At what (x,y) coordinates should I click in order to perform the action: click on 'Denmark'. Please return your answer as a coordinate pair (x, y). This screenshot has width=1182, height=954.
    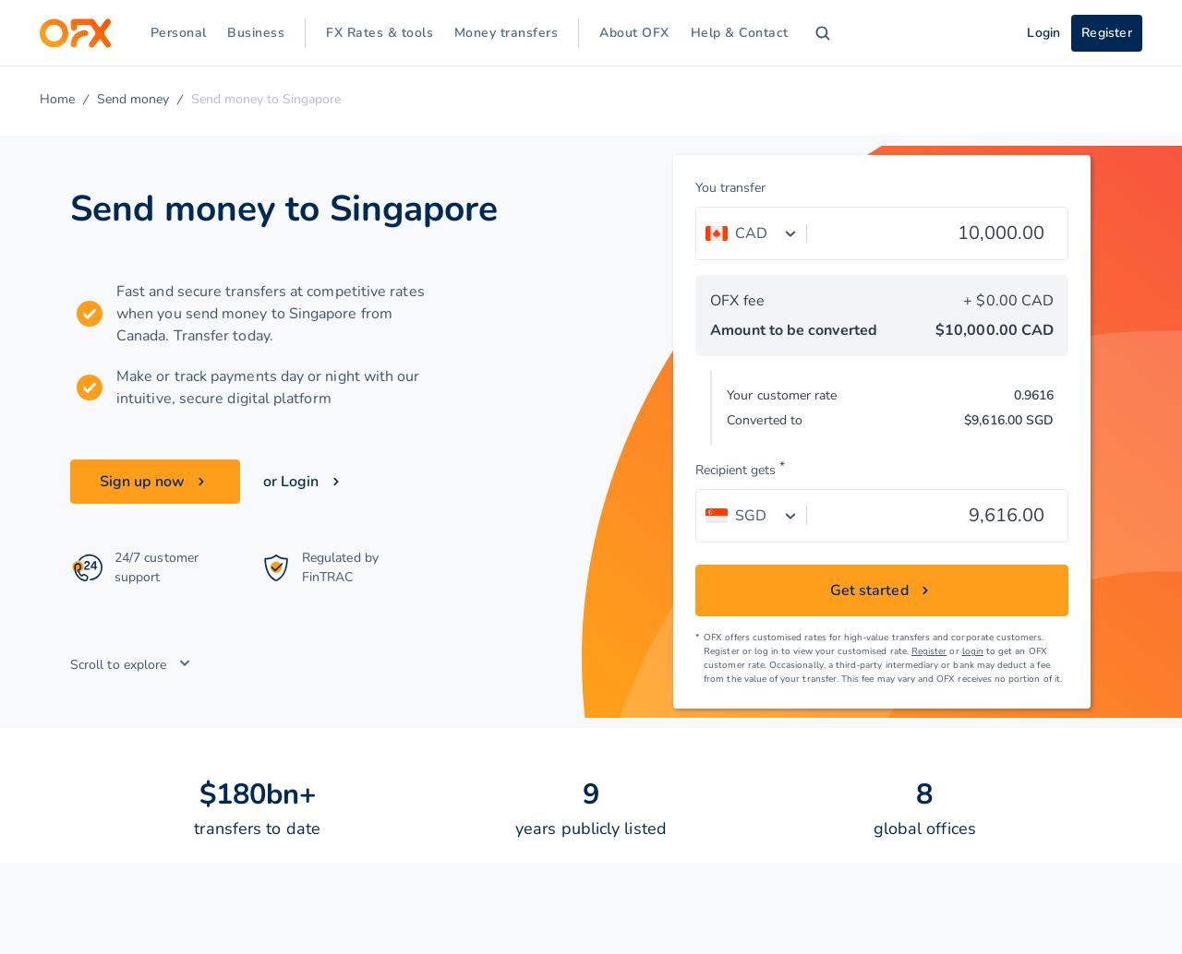
    Looking at the image, I should click on (129, 200).